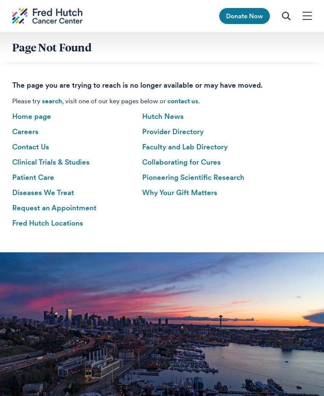  What do you see at coordinates (41, 101) in the screenshot?
I see `'search'` at bounding box center [41, 101].